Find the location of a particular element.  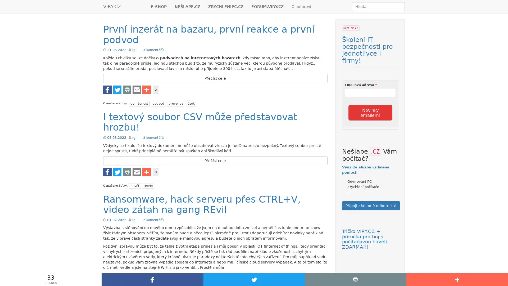

Share to Vice... is located at coordinates (146, 89).